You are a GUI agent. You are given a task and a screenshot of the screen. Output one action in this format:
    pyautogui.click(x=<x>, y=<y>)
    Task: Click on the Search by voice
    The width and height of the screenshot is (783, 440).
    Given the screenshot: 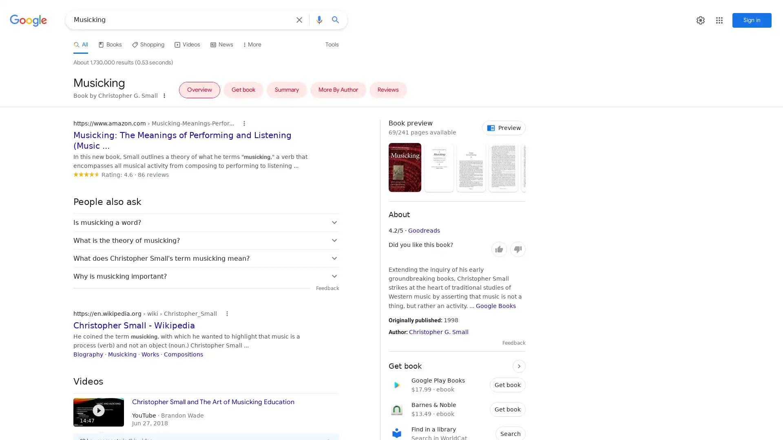 What is the action you would take?
    pyautogui.click(x=319, y=20)
    